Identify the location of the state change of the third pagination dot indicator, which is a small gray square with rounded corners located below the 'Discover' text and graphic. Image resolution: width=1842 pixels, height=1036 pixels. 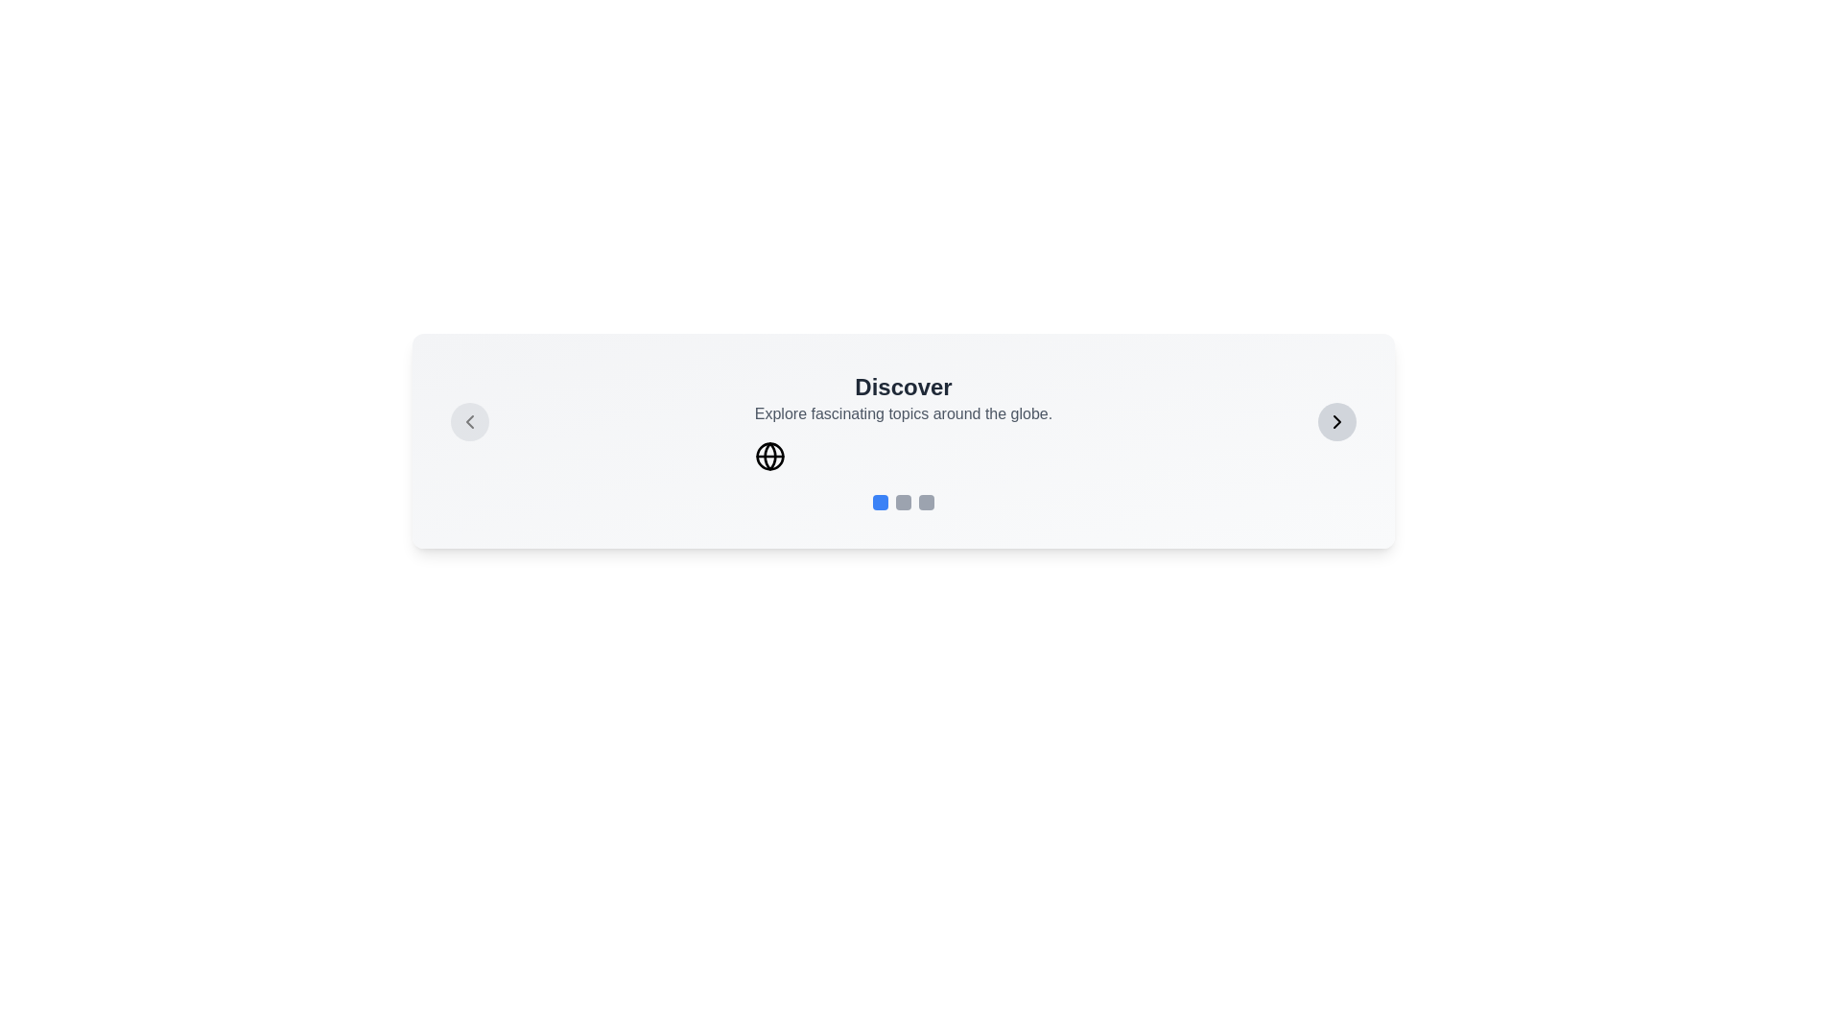
(926, 502).